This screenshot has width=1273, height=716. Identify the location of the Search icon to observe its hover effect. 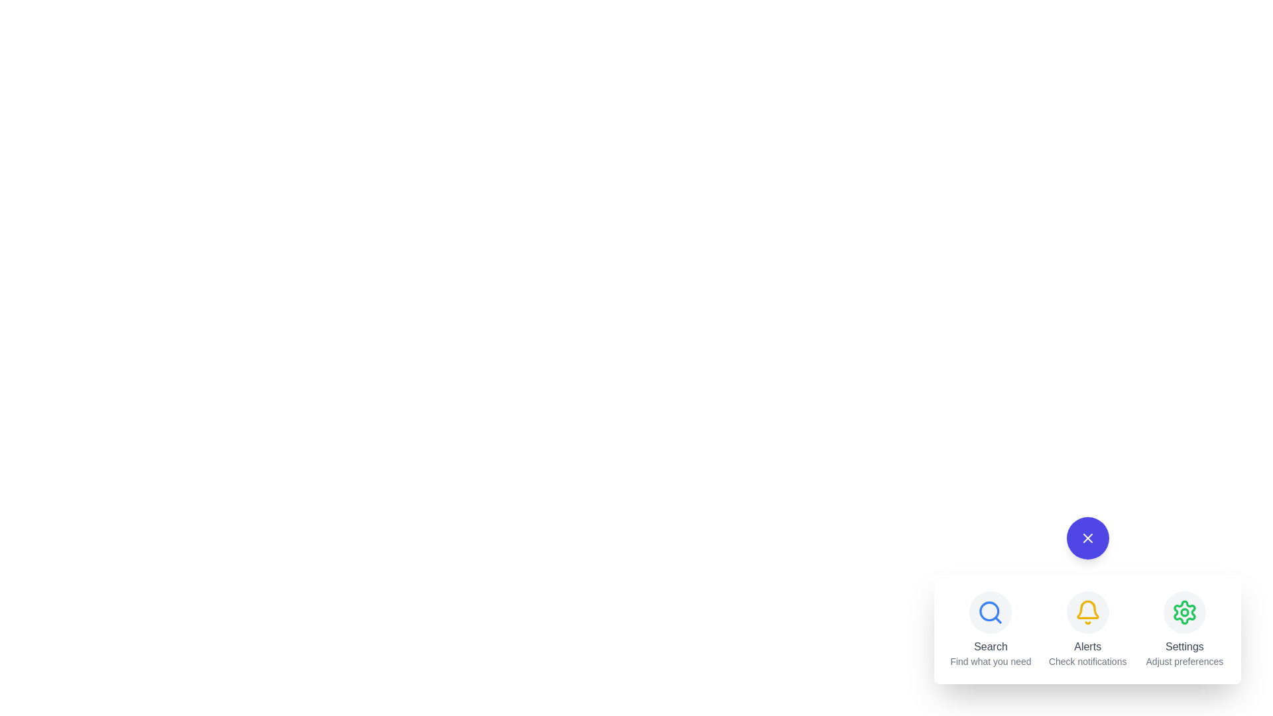
(991, 613).